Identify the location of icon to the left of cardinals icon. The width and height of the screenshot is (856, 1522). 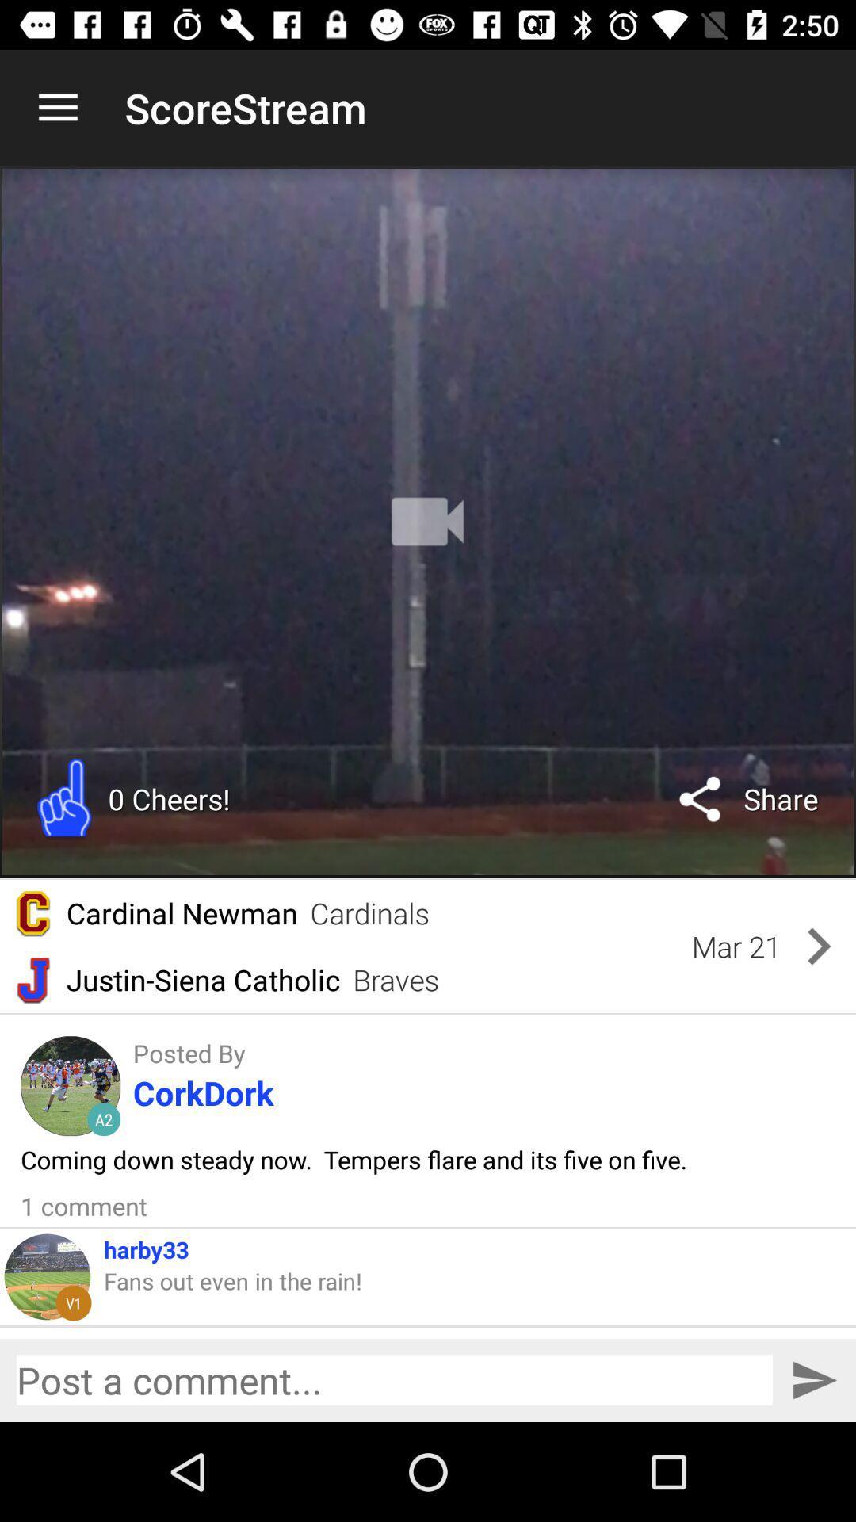
(181, 913).